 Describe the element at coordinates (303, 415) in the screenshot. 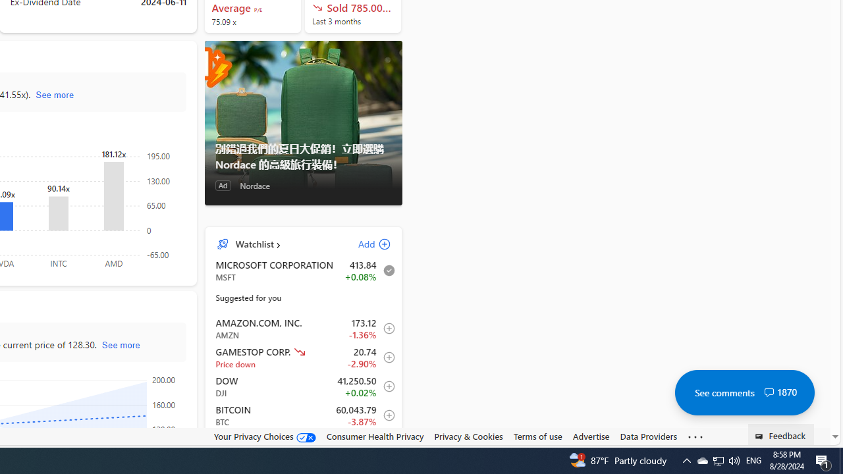

I see `'BTC Bitcoin decrease 60,043.79 -2,323.69 -3.87% item3'` at that location.